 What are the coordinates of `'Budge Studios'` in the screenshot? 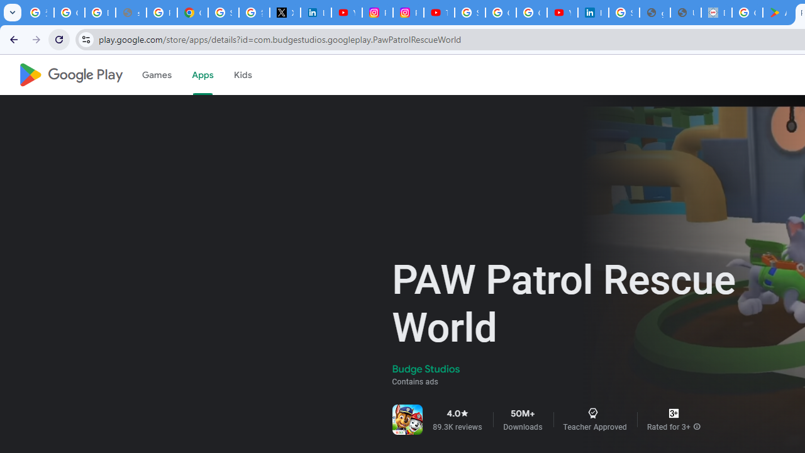 It's located at (426, 368).